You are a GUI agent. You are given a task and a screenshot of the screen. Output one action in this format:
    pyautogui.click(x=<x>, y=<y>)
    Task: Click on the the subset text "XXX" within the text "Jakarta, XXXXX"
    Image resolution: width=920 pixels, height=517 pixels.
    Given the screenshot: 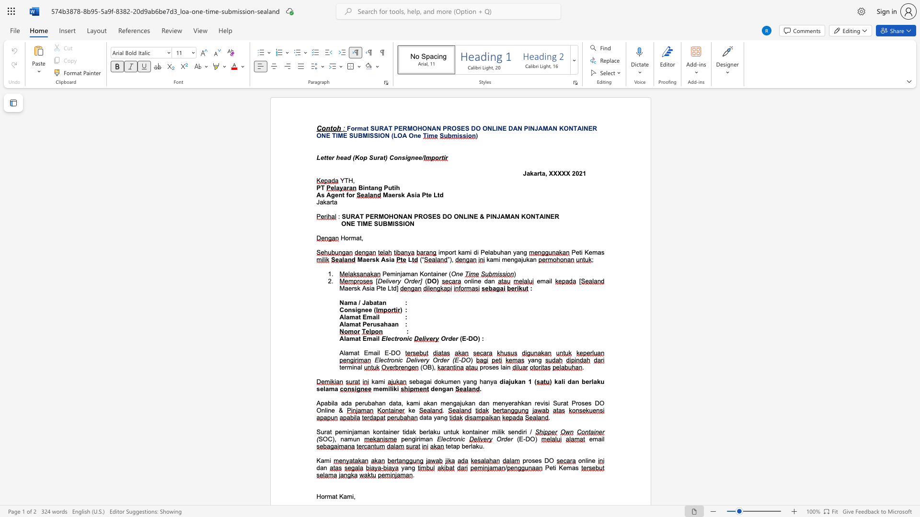 What is the action you would take?
    pyautogui.click(x=549, y=173)
    